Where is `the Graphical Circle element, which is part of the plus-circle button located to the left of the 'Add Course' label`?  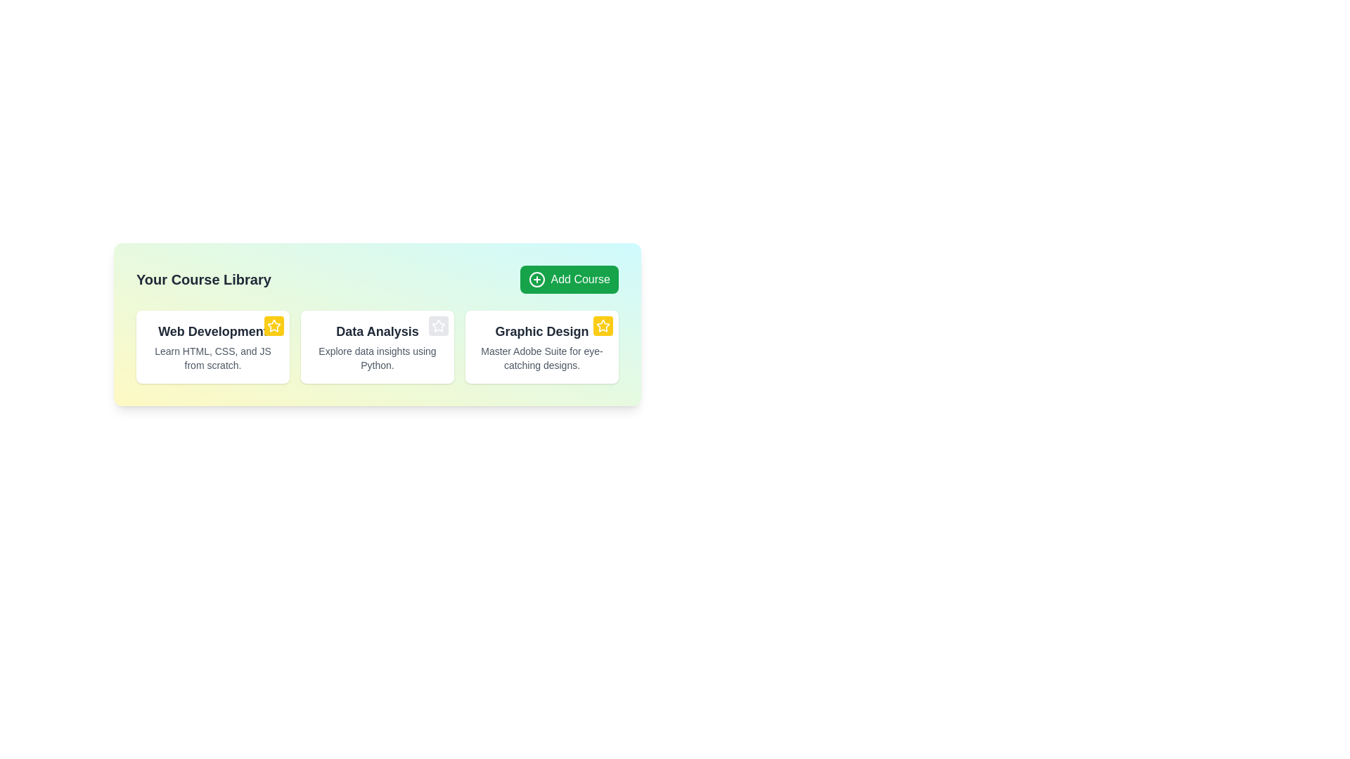 the Graphical Circle element, which is part of the plus-circle button located to the left of the 'Add Course' label is located at coordinates (536, 279).